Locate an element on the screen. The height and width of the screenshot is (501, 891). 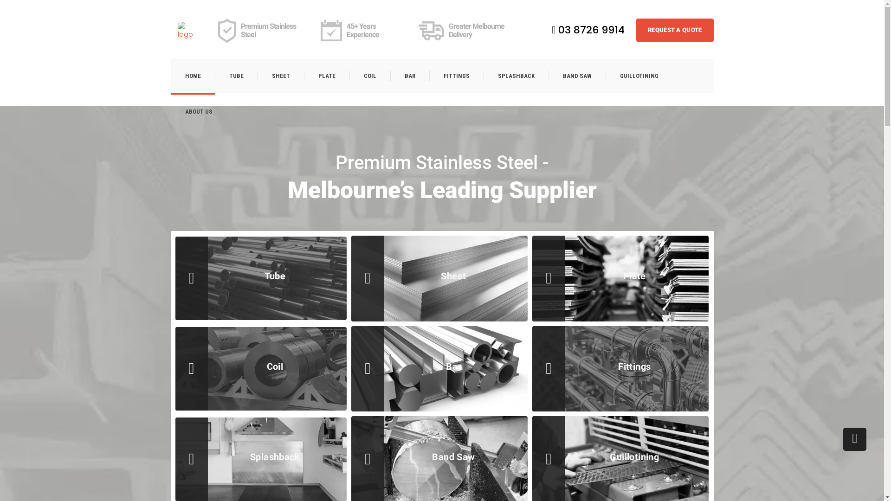
'BAND SAW' is located at coordinates (576, 75).